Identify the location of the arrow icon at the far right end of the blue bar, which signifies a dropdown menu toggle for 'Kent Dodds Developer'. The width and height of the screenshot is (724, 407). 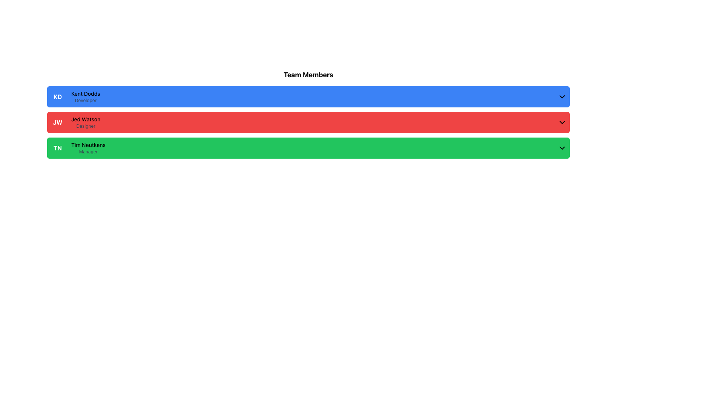
(562, 96).